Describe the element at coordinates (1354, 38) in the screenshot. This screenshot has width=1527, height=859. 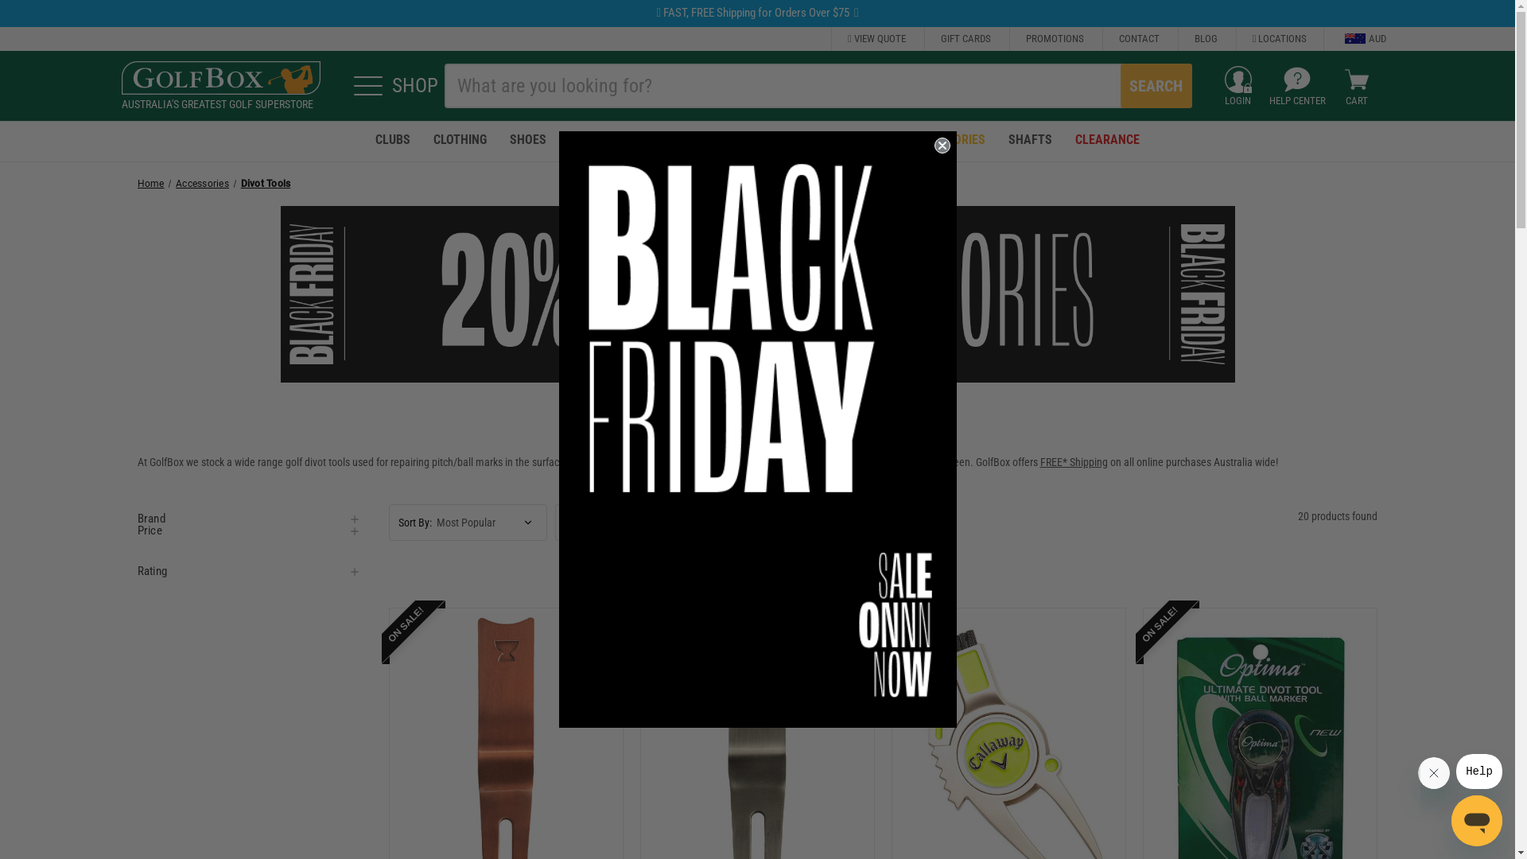
I see `'AUD'` at that location.